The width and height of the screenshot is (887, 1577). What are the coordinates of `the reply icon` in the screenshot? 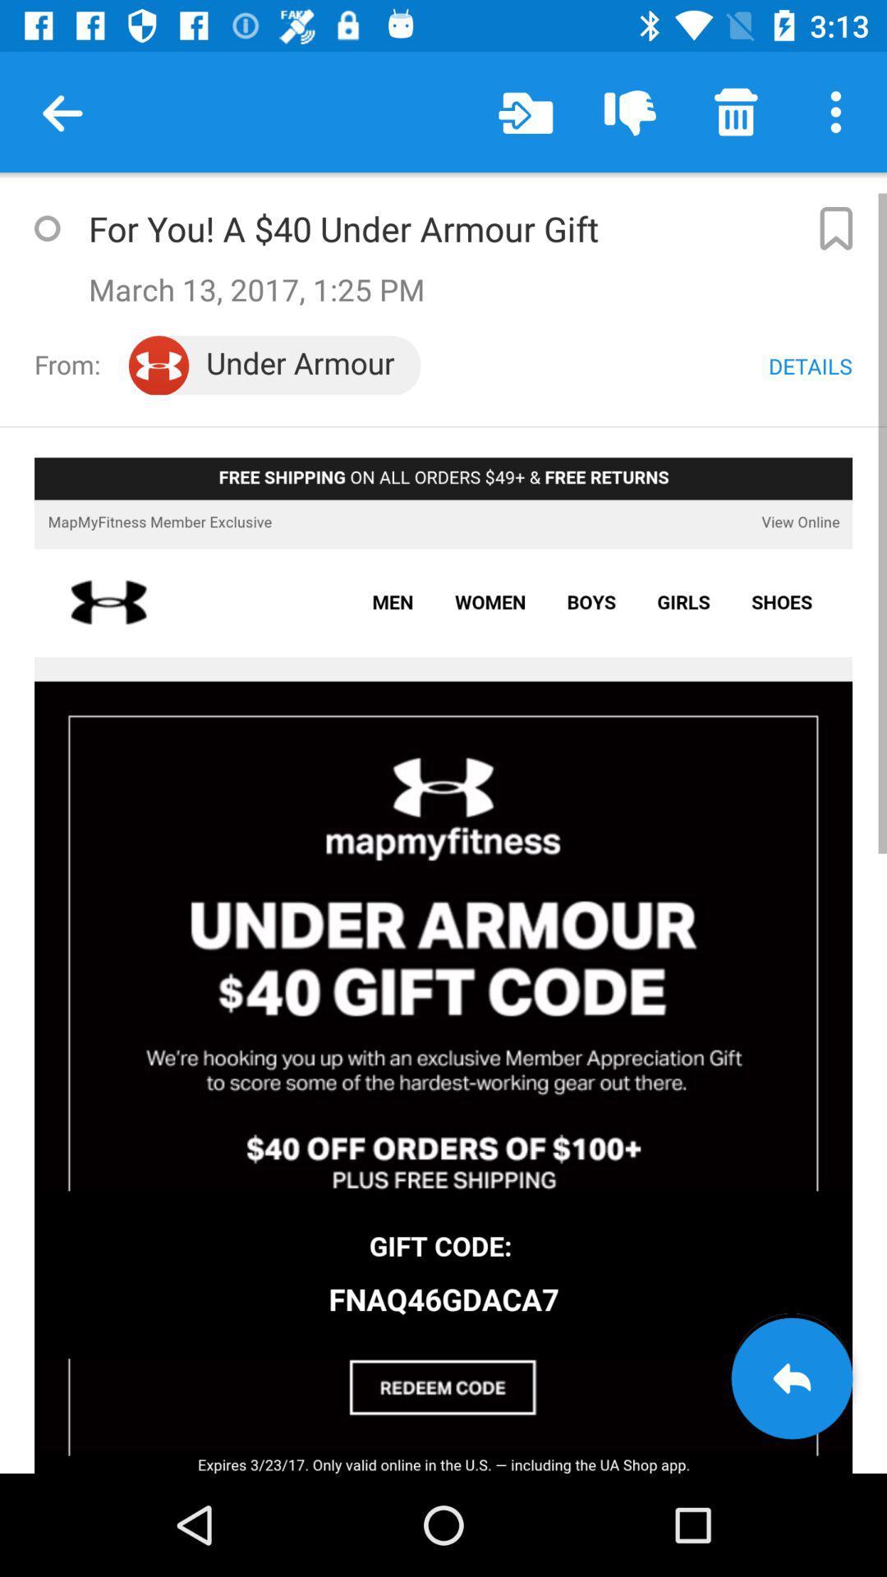 It's located at (791, 1378).